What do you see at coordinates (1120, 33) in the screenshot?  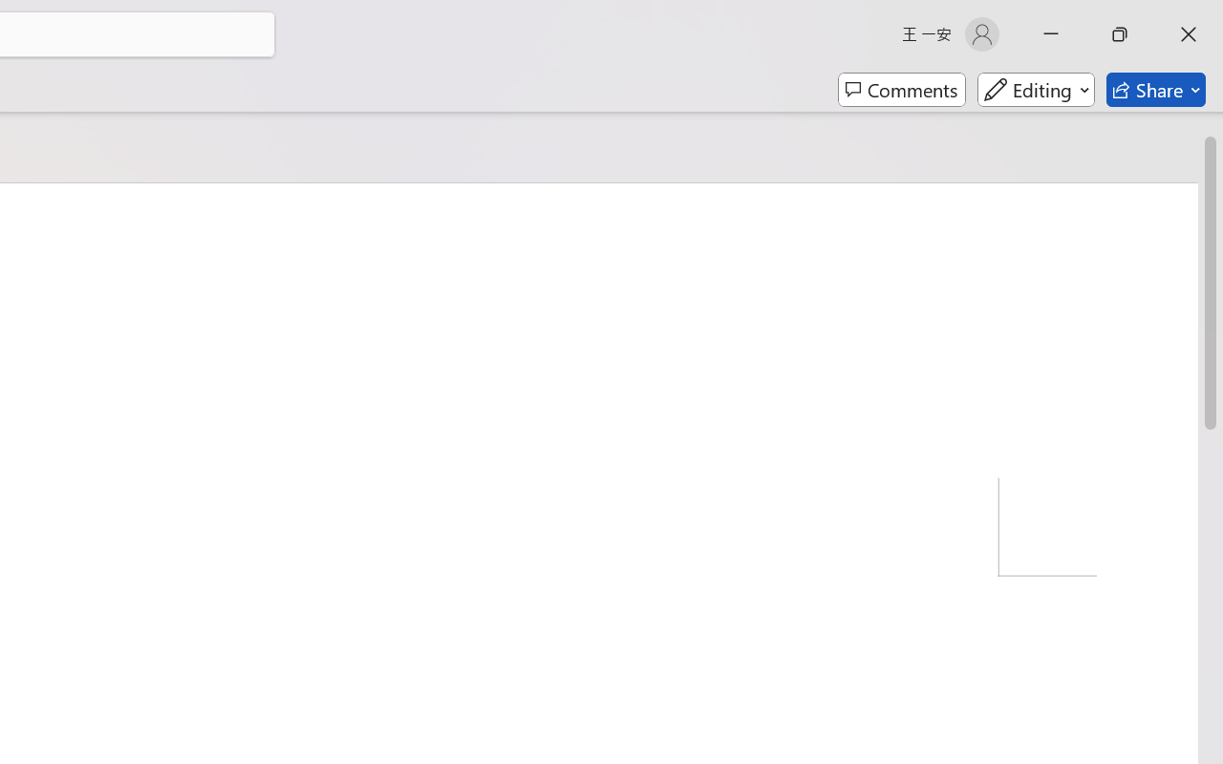 I see `'Restore Down'` at bounding box center [1120, 33].